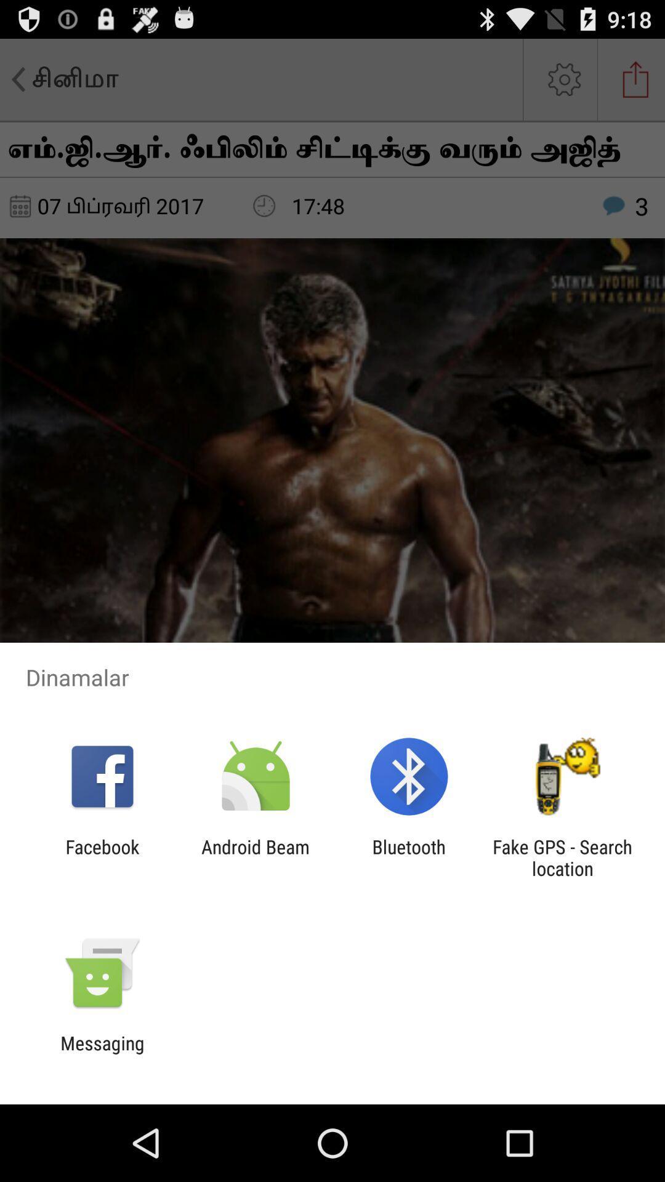 The height and width of the screenshot is (1182, 665). I want to click on the icon next to bluetooth app, so click(255, 857).